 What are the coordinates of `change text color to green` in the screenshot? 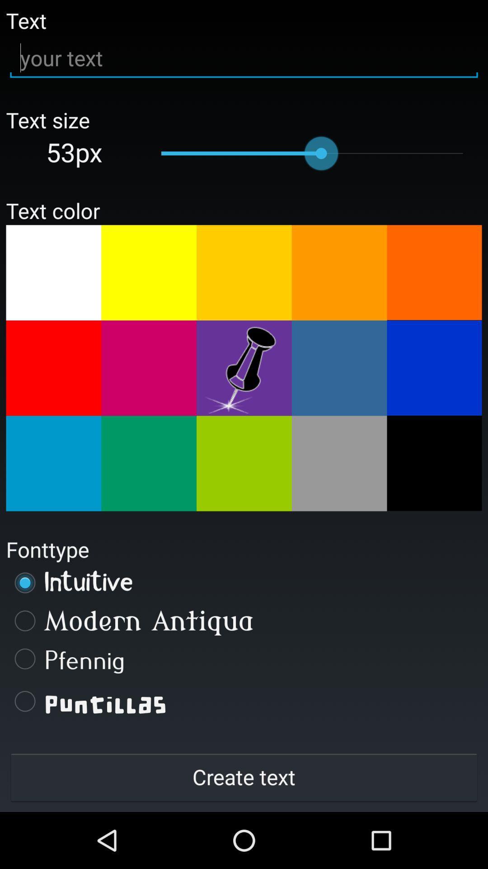 It's located at (244, 463).